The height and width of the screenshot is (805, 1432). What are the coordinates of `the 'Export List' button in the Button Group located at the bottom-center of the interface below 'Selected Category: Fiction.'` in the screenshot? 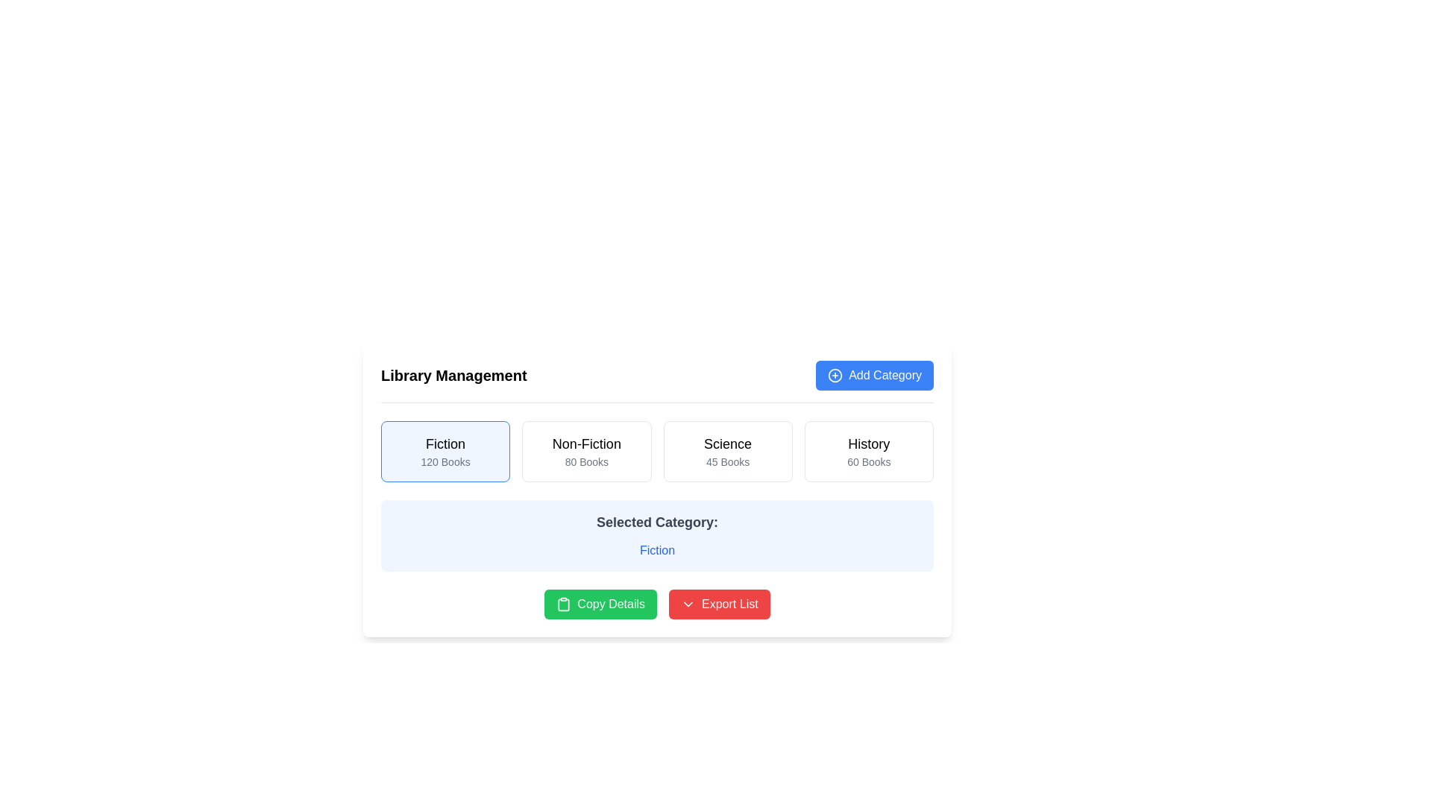 It's located at (656, 604).